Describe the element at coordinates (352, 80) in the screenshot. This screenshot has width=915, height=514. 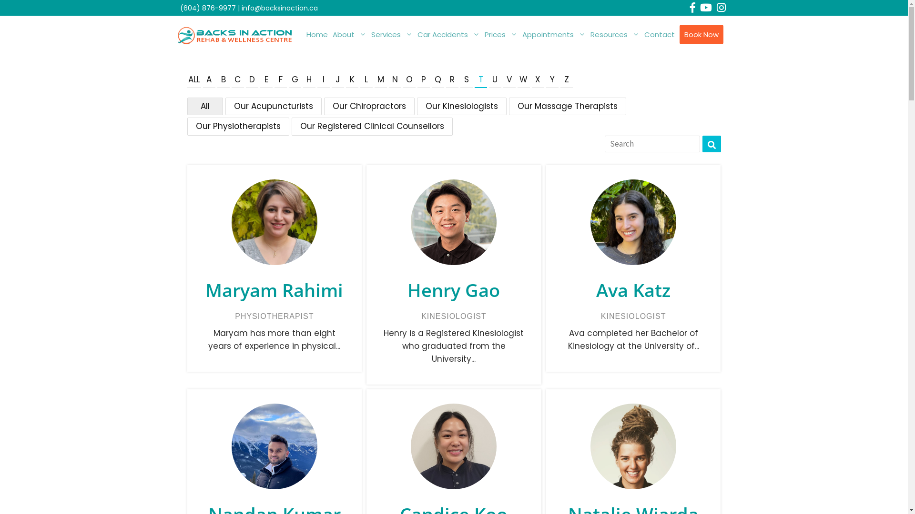
I see `'K'` at that location.